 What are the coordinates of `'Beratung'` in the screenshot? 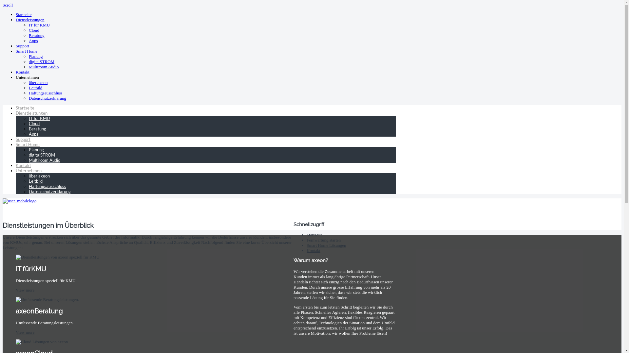 It's located at (36, 35).